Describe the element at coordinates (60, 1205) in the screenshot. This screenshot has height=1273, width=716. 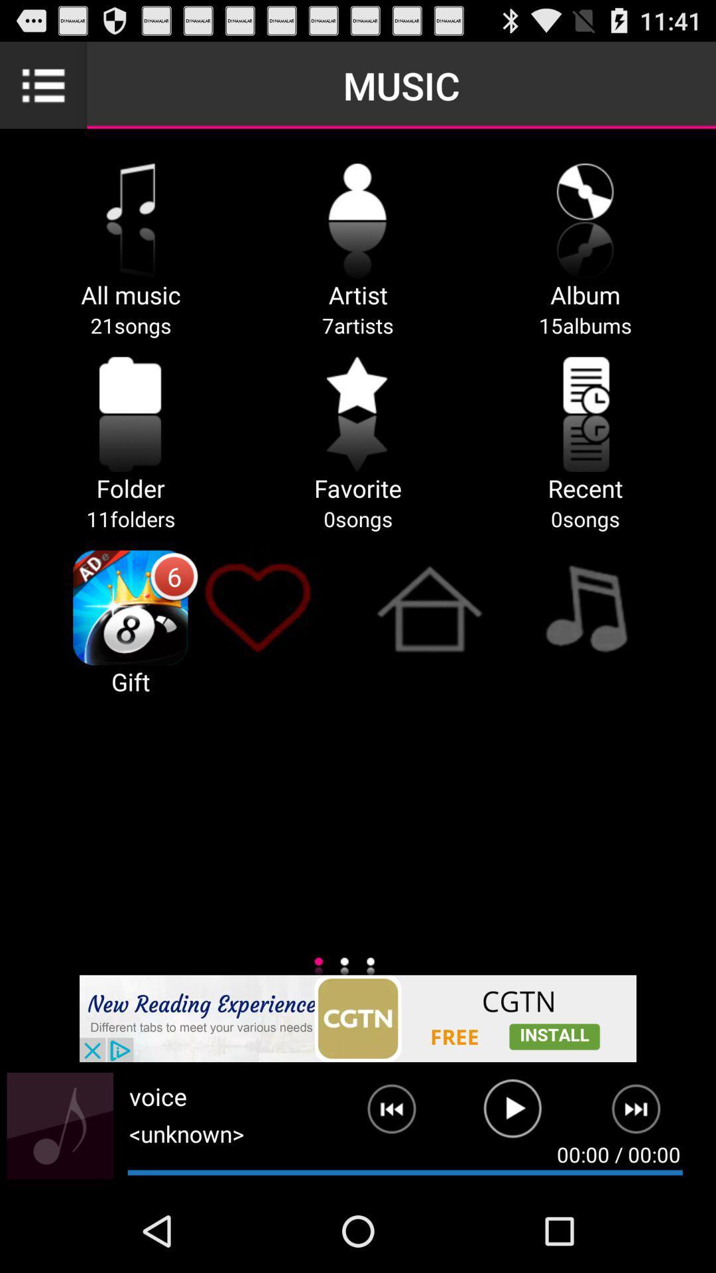
I see `the music icon` at that location.